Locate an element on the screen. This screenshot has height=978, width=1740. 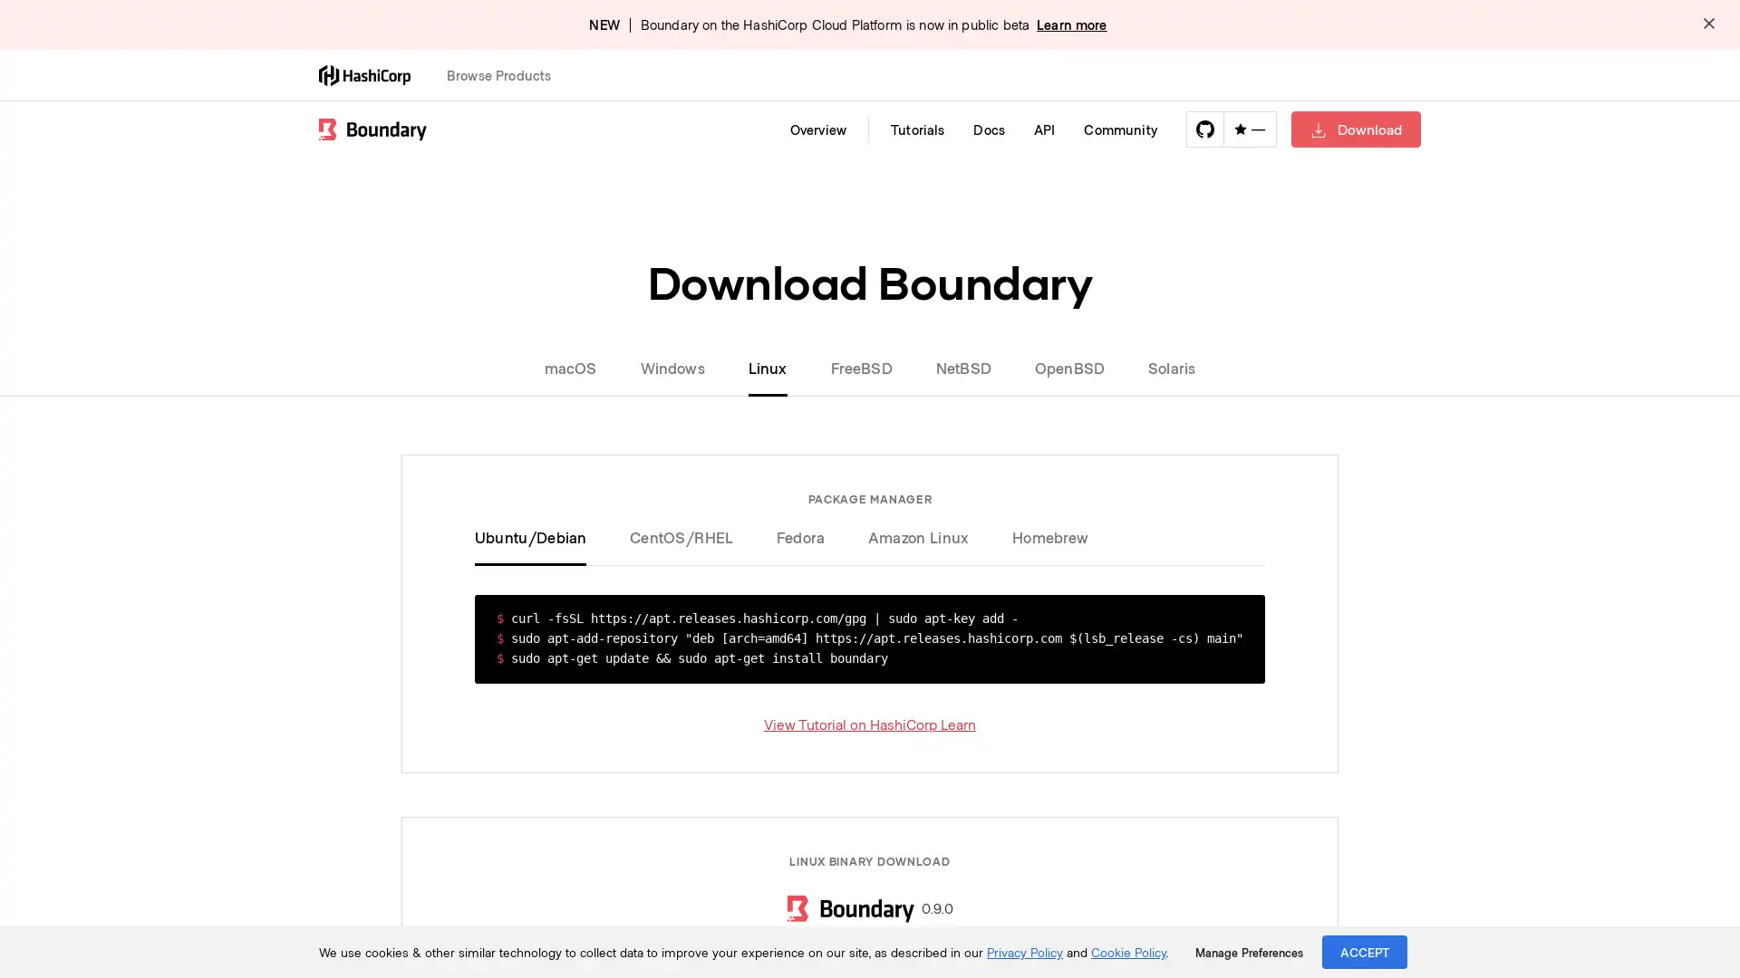
Fedora is located at coordinates (799, 536).